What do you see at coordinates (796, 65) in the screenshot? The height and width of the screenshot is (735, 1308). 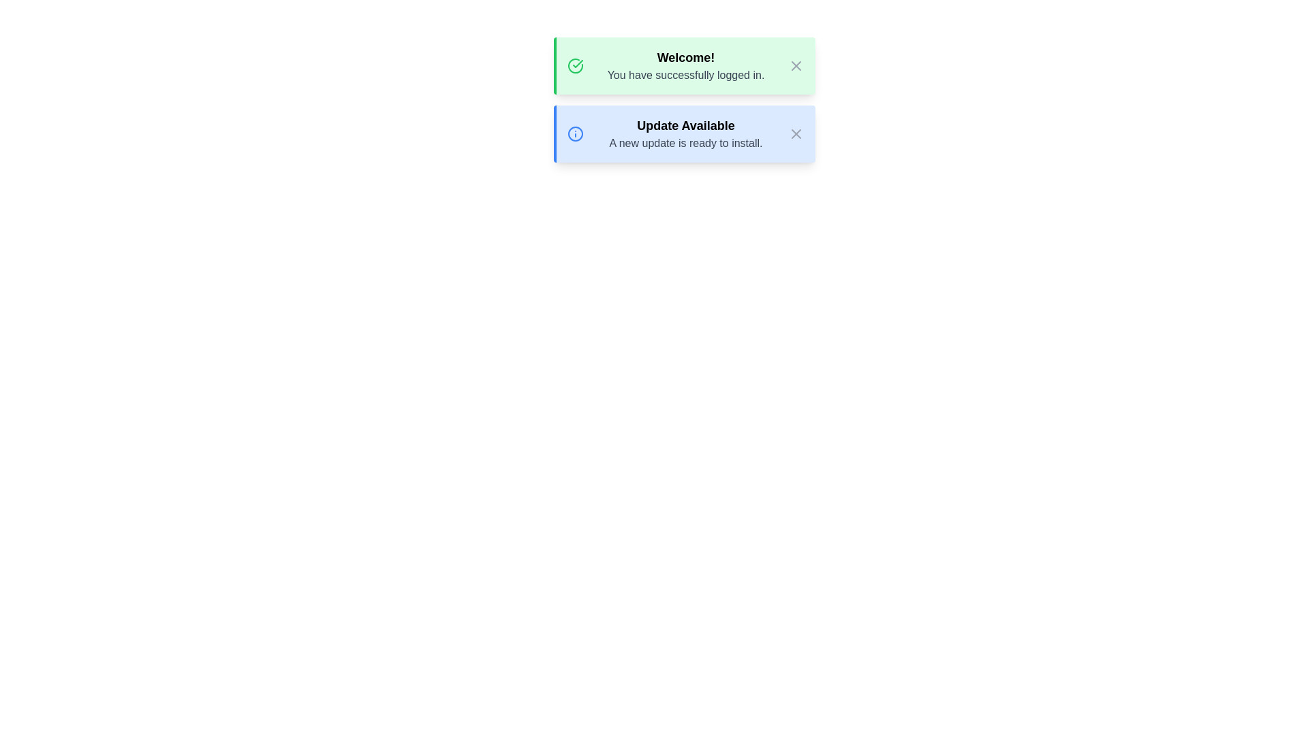 I see `the 'X' icon in the green notification box` at bounding box center [796, 65].